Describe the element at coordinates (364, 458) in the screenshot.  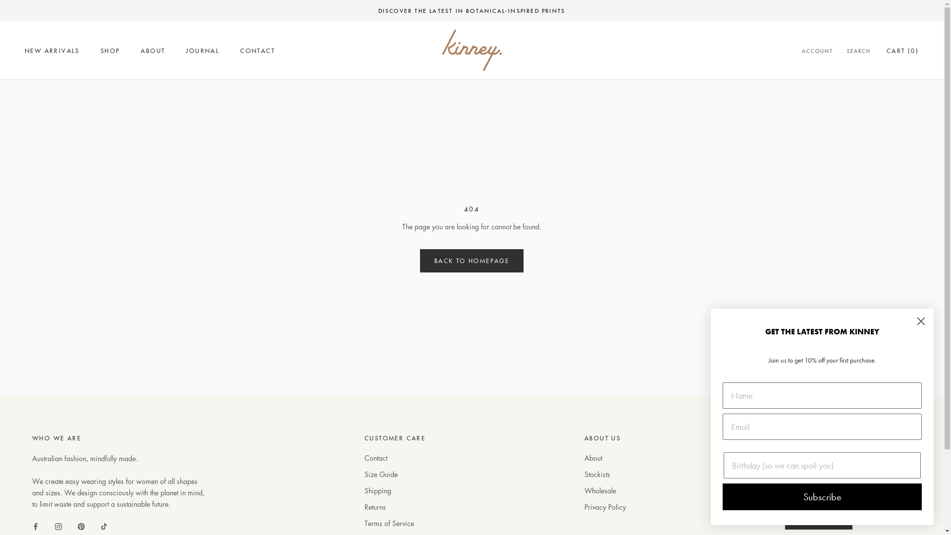
I see `'Contact'` at that location.